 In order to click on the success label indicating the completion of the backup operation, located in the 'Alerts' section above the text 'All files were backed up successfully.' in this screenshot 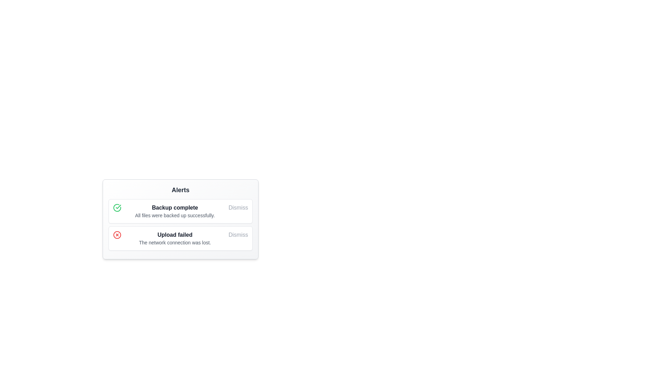, I will do `click(175, 207)`.